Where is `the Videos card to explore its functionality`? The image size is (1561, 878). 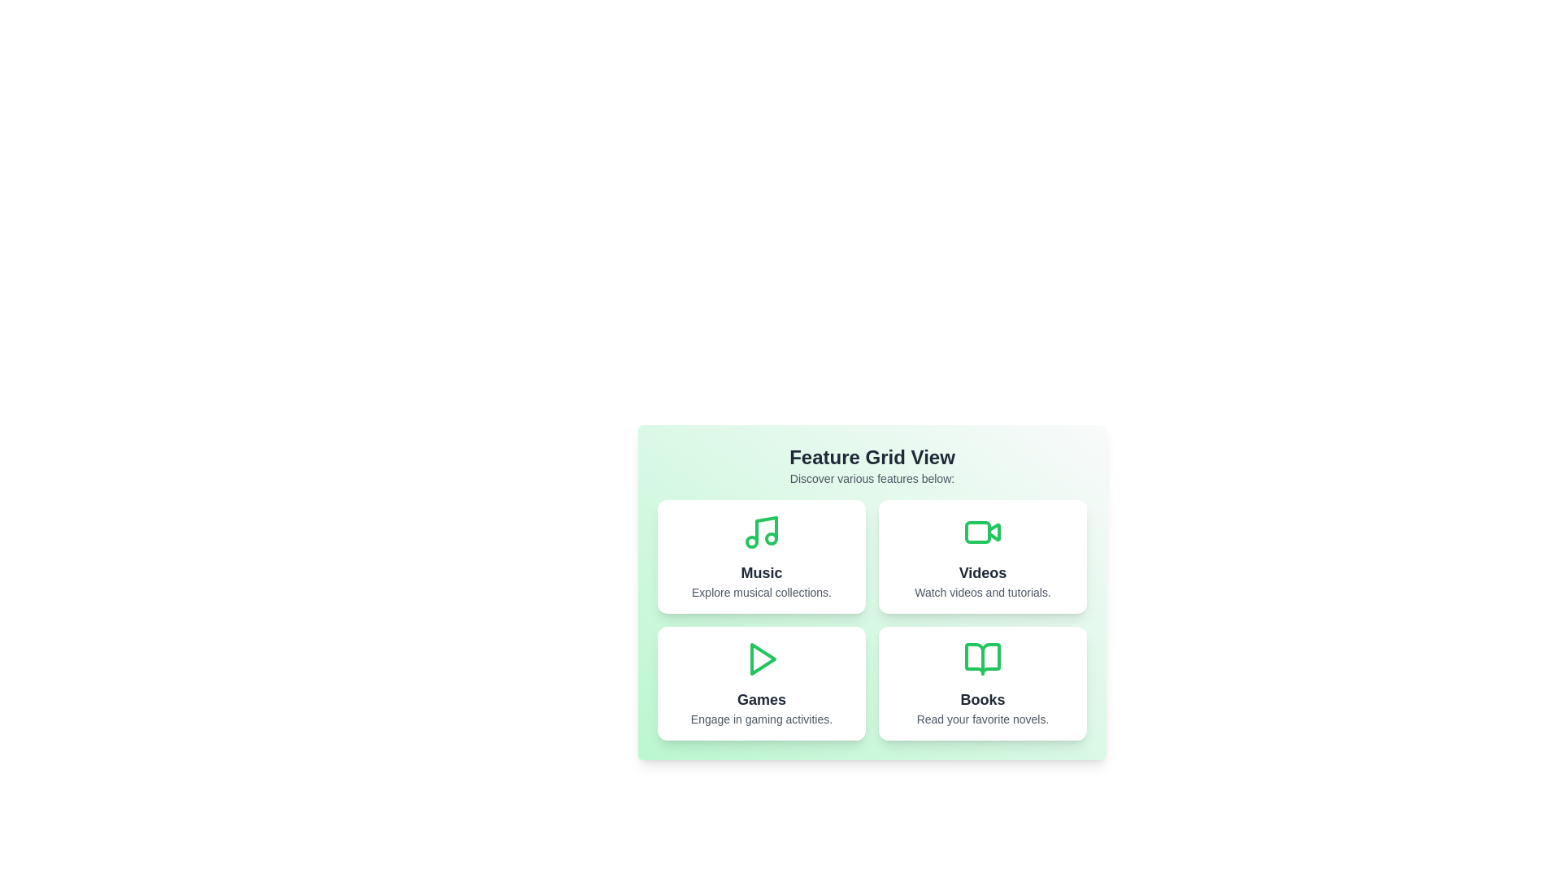
the Videos card to explore its functionality is located at coordinates (982, 556).